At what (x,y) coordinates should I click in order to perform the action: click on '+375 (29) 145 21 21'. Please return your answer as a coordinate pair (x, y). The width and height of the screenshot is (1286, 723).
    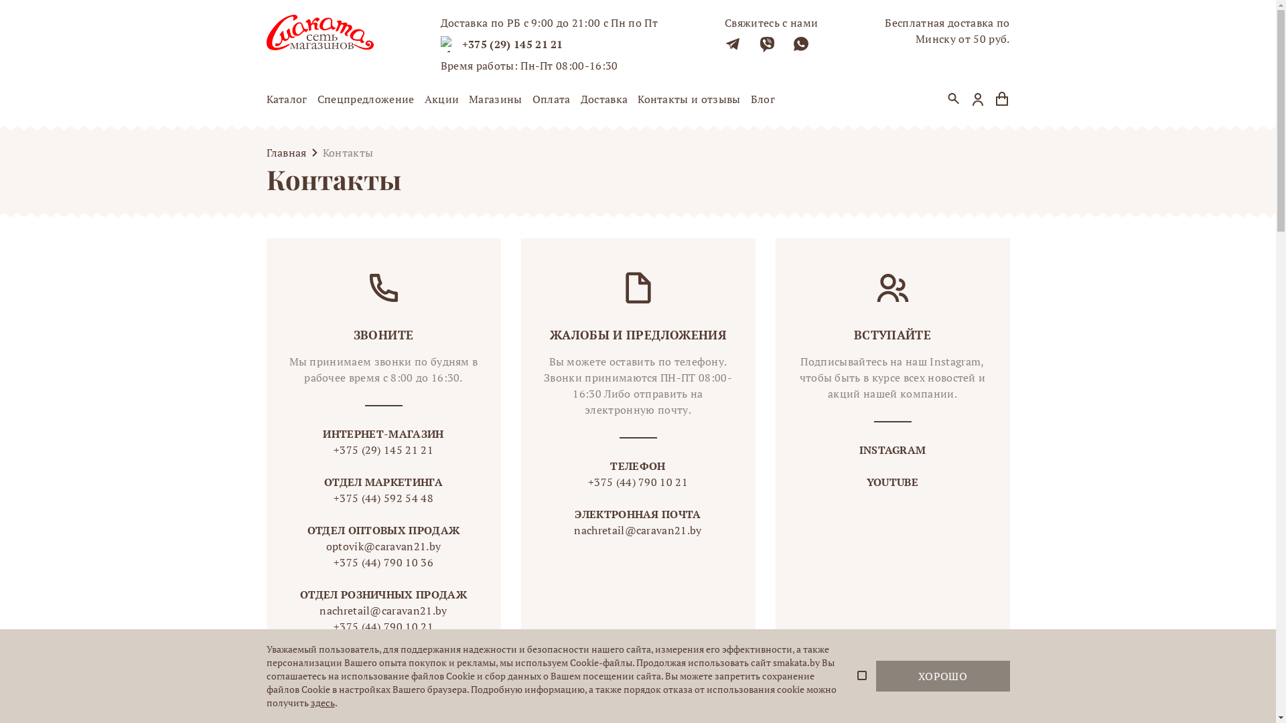
    Looking at the image, I should click on (382, 449).